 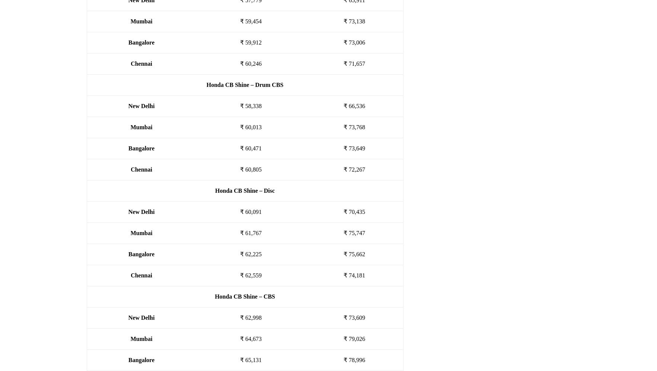 I want to click on '₹ 64,673', so click(x=250, y=339).